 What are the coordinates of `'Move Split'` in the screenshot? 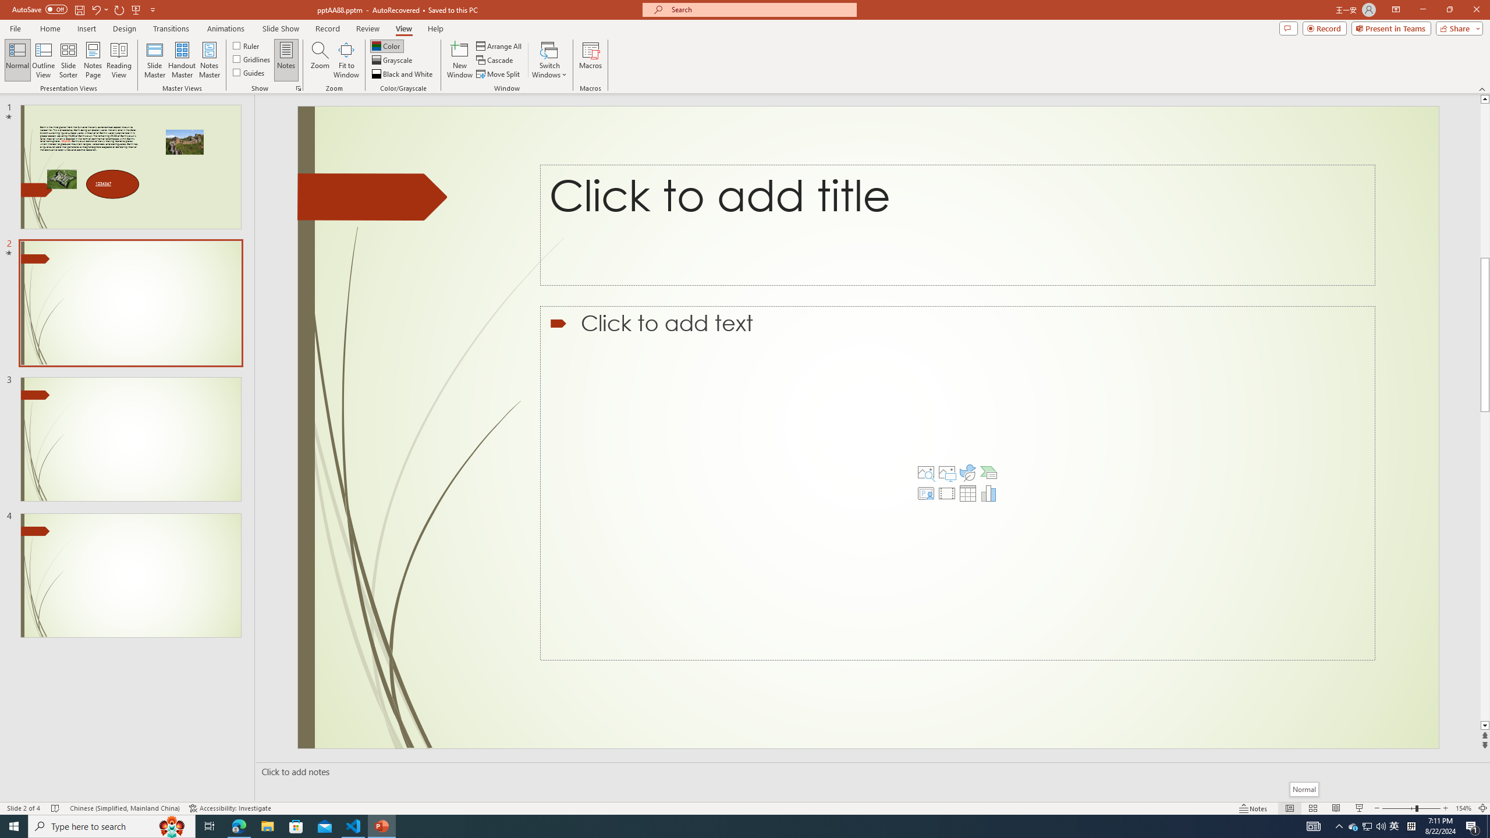 It's located at (498, 74).